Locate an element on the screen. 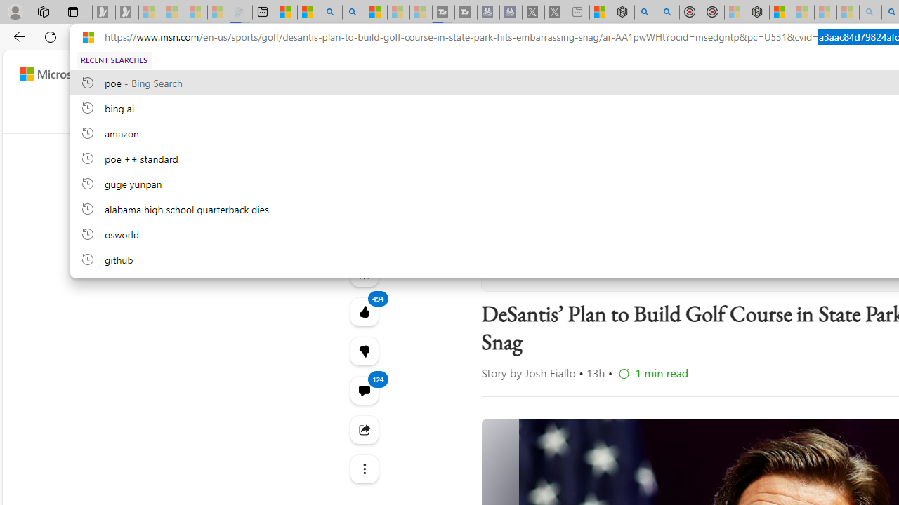  'Skip to footer' is located at coordinates (57, 74).